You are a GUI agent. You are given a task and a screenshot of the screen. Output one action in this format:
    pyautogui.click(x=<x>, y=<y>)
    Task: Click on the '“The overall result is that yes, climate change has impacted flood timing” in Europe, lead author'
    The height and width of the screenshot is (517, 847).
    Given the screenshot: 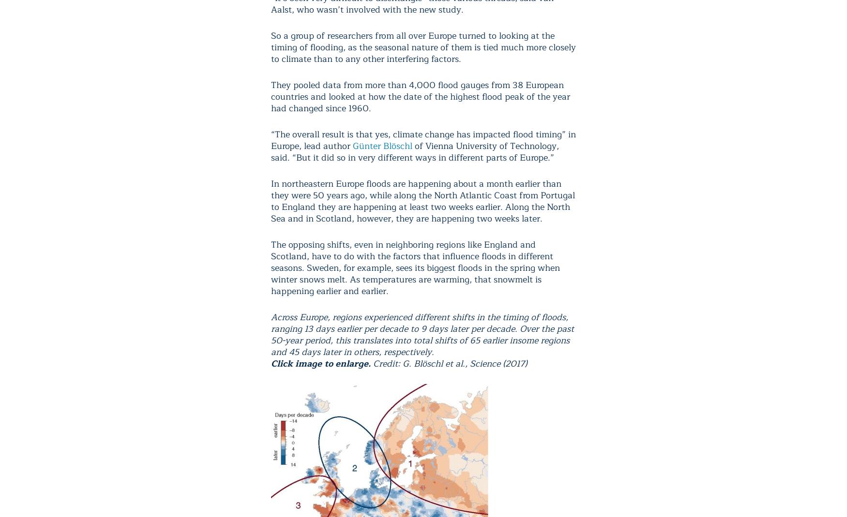 What is the action you would take?
    pyautogui.click(x=423, y=139)
    